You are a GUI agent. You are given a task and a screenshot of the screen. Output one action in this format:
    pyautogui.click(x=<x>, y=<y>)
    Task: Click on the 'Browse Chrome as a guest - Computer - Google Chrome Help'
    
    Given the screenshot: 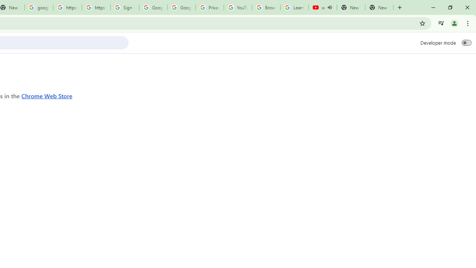 What is the action you would take?
    pyautogui.click(x=266, y=7)
    